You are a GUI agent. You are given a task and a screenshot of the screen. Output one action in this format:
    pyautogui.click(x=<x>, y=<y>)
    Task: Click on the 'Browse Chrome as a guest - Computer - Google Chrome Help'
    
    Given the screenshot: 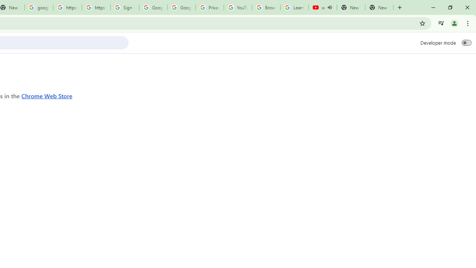 What is the action you would take?
    pyautogui.click(x=266, y=7)
    